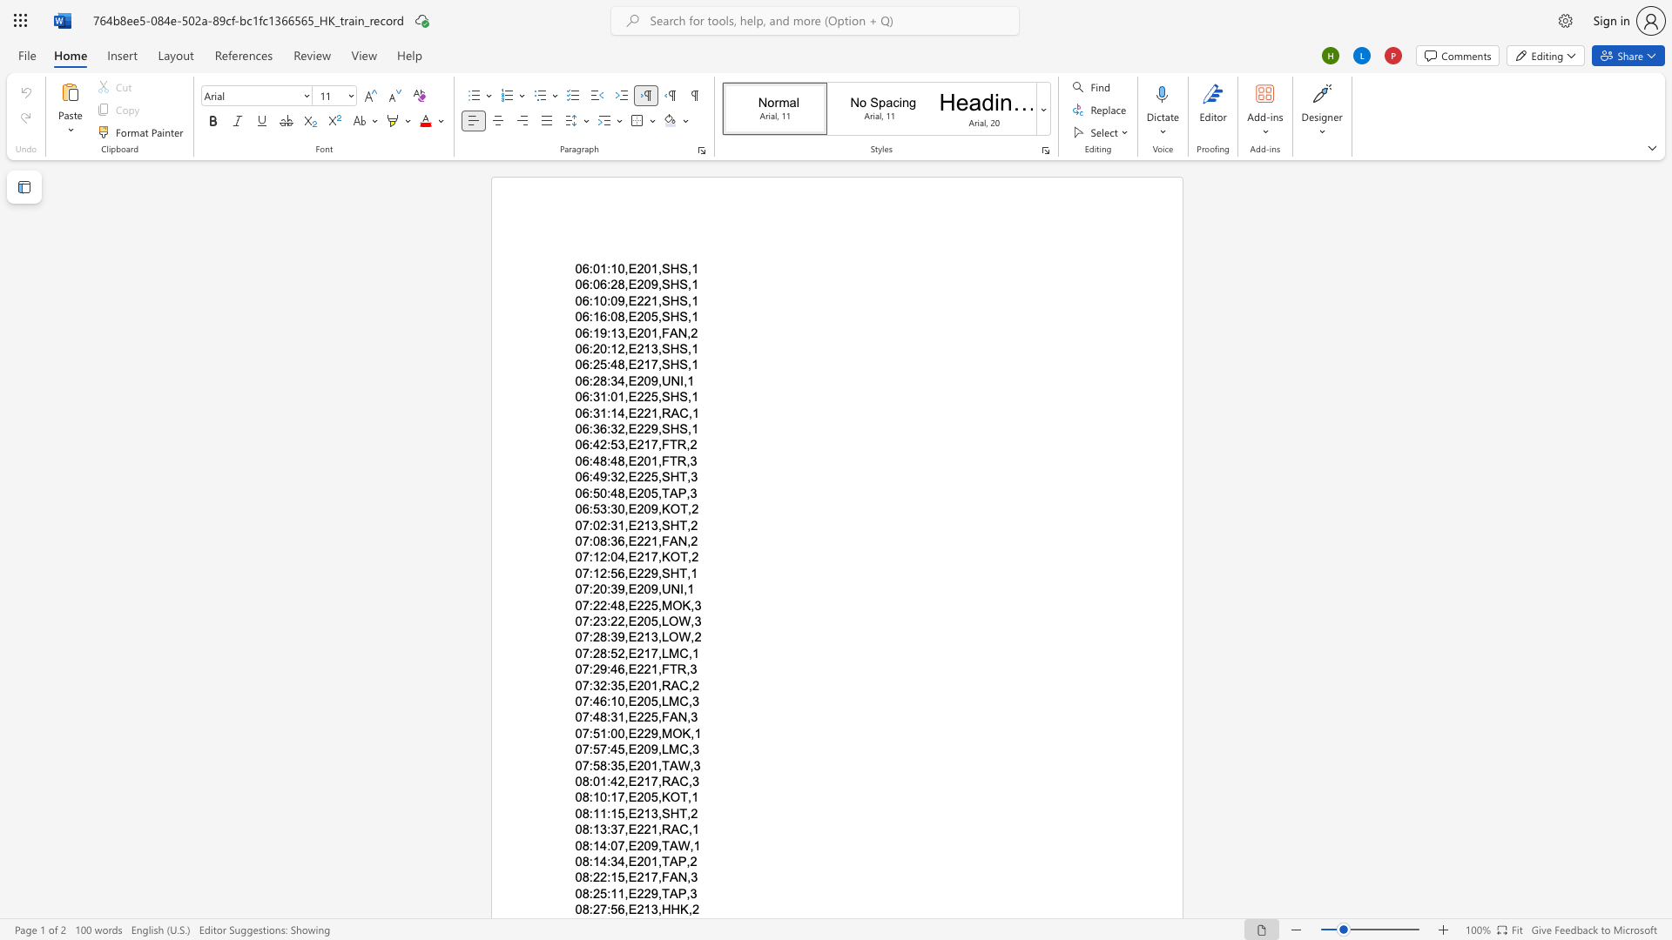 The width and height of the screenshot is (1672, 940). I want to click on the subset text "05,KOT," within the text "08:10:17,E205,KOT,1", so click(643, 797).